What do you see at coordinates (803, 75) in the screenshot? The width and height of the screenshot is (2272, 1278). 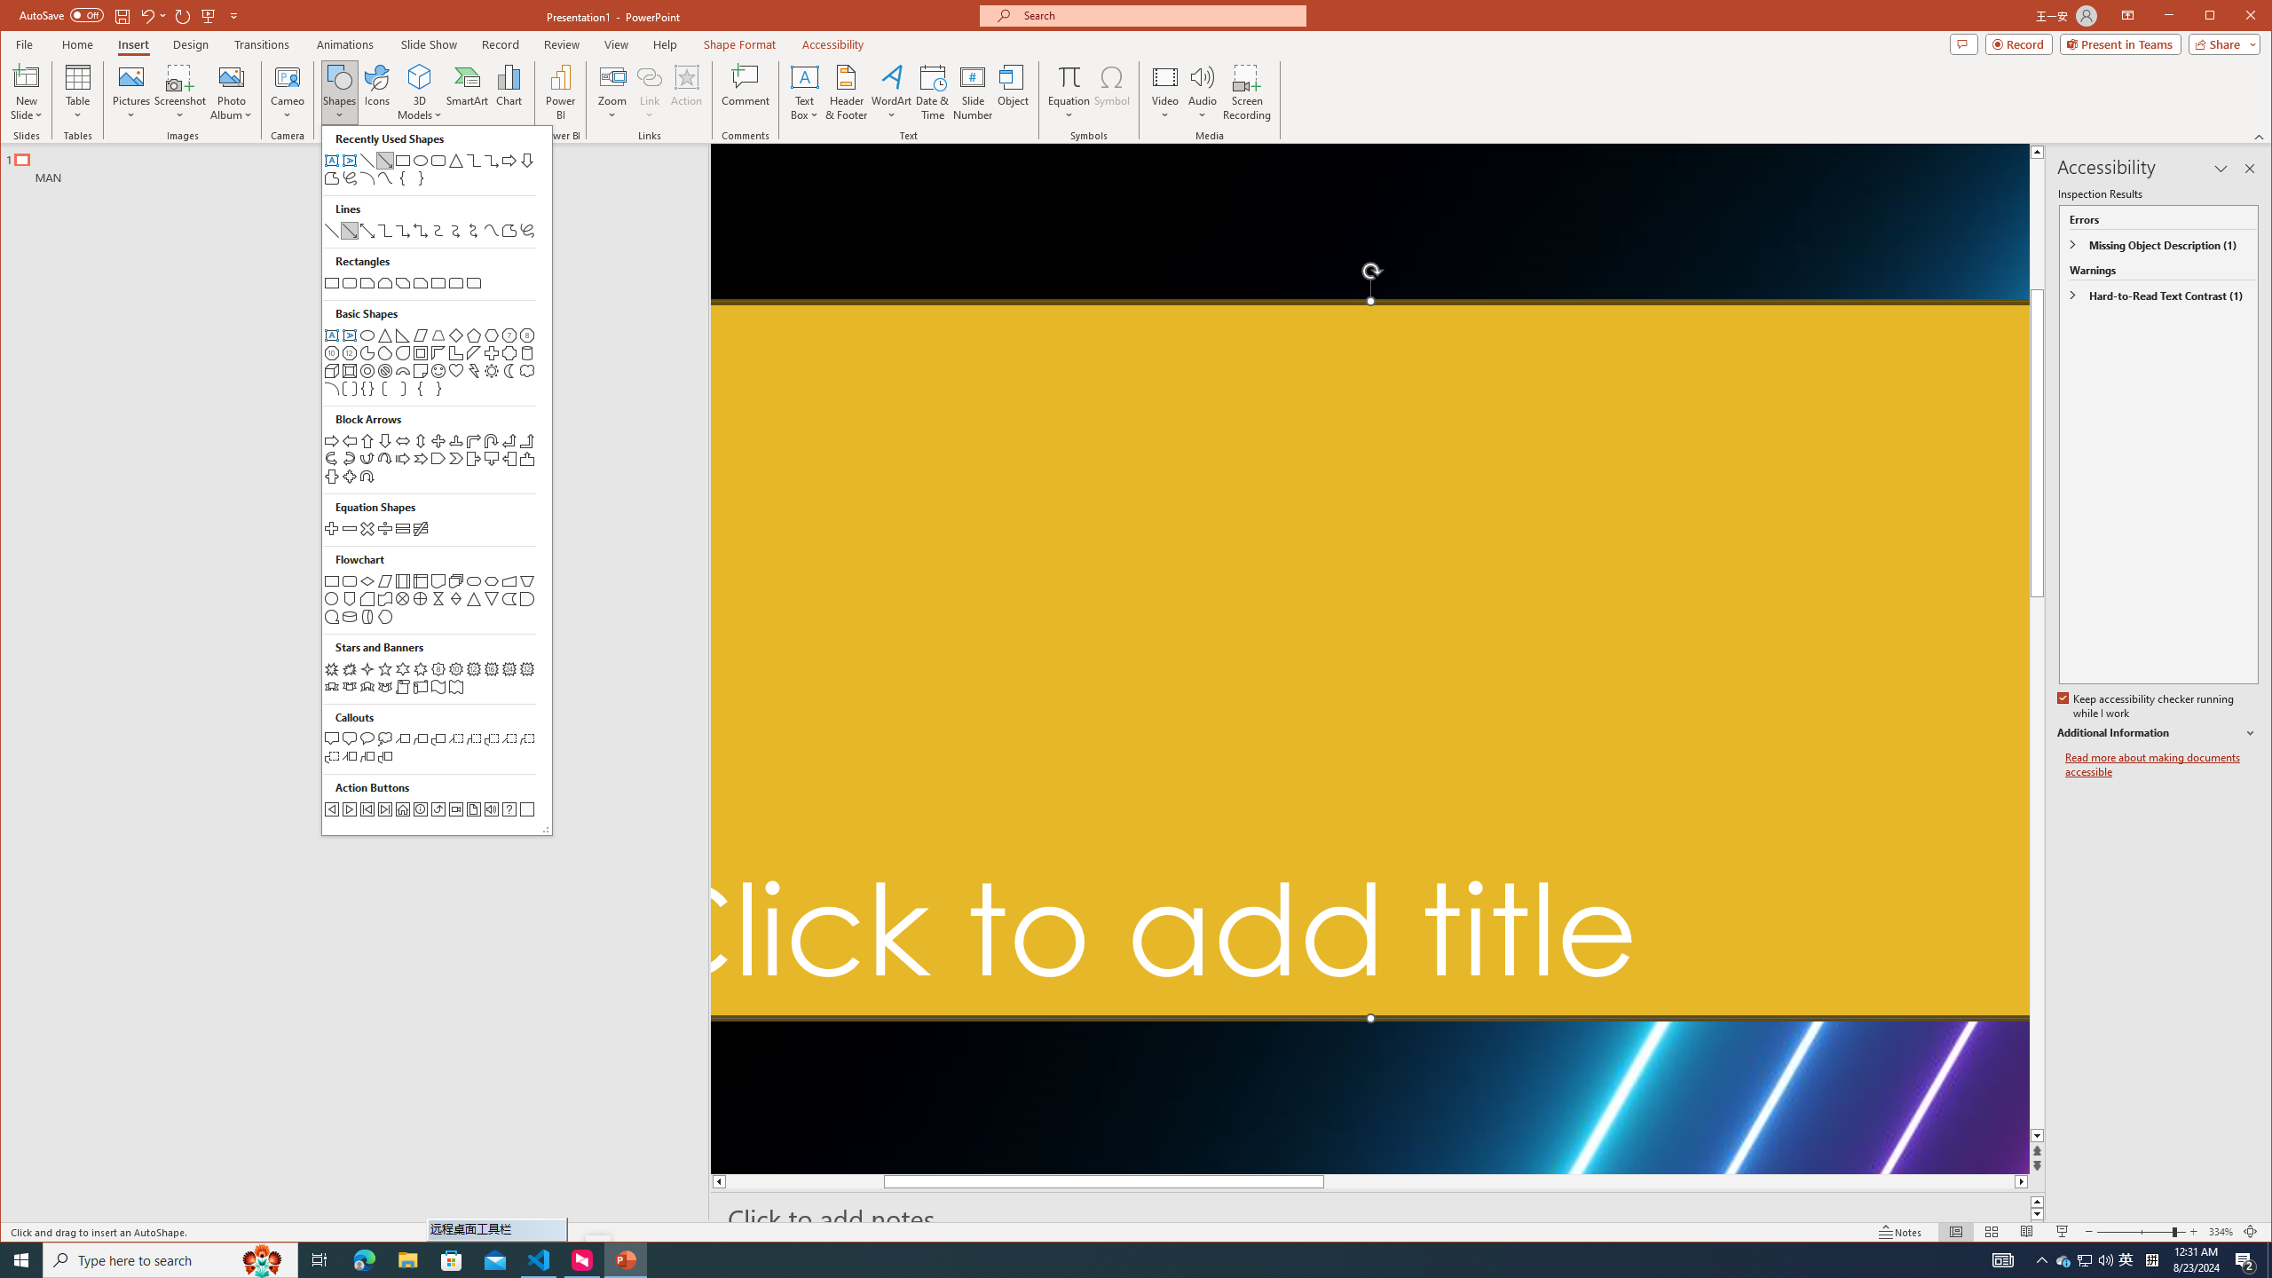 I see `'Draw Horizontal Text Box'` at bounding box center [803, 75].